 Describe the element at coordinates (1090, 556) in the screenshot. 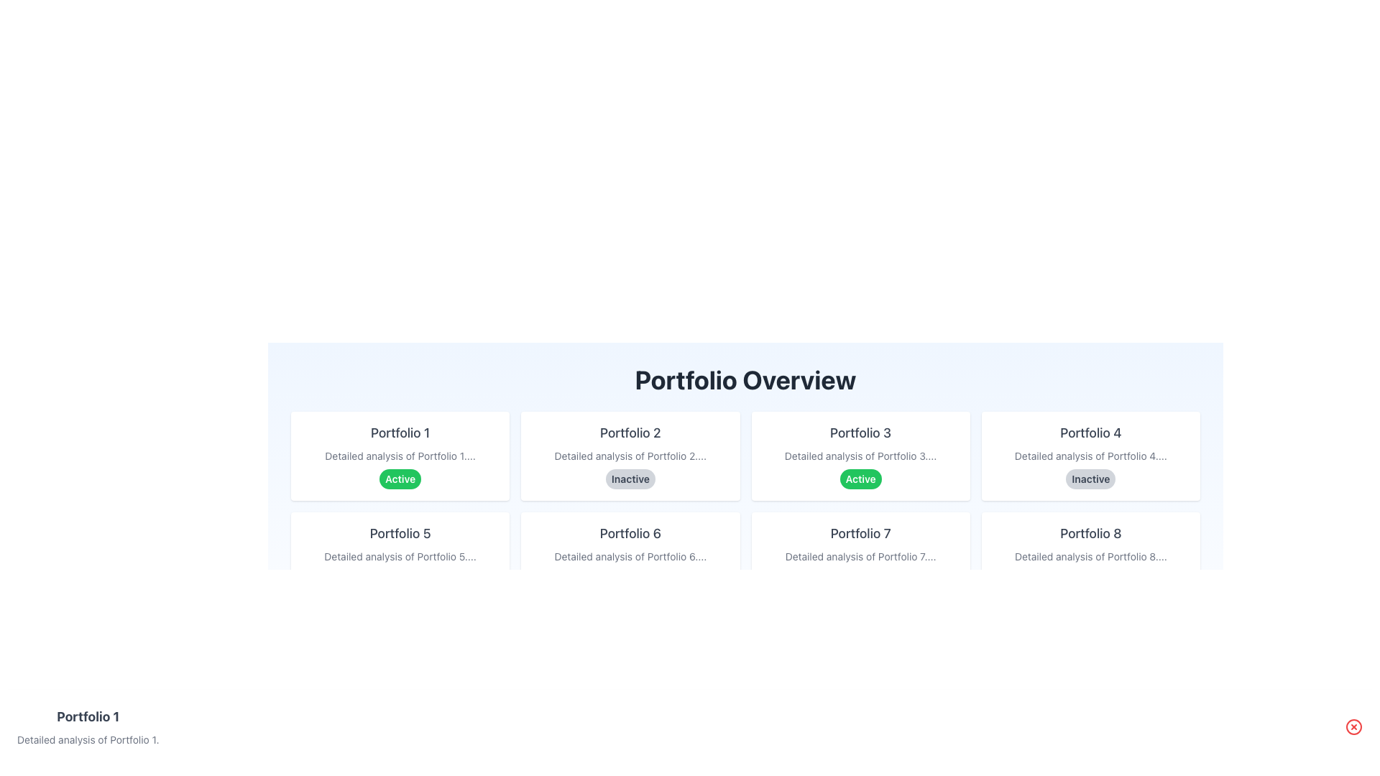

I see `the text element that displays 'Detailed analysis of Portfolio 8....', which is located beneath the title 'Portfolio 8' and above the status indicator 'Inactive'` at that location.